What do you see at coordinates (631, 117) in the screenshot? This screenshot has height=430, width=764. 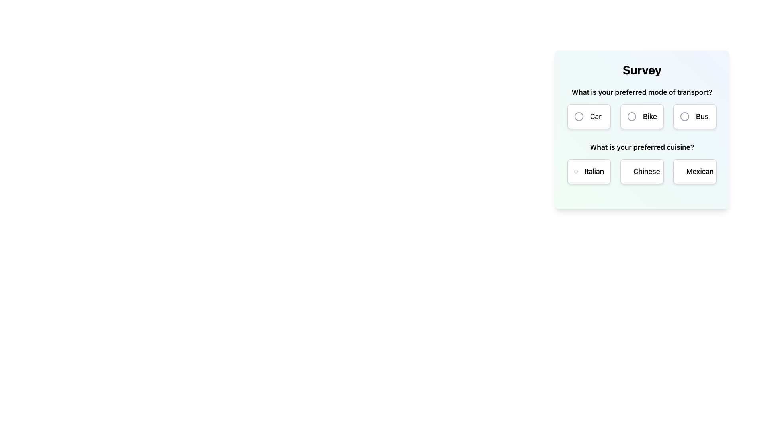 I see `the gray circular radio button indicator associated with the 'Bike' option in the 'Survey' panel, positioned between 'Car' and 'Bus'` at bounding box center [631, 117].